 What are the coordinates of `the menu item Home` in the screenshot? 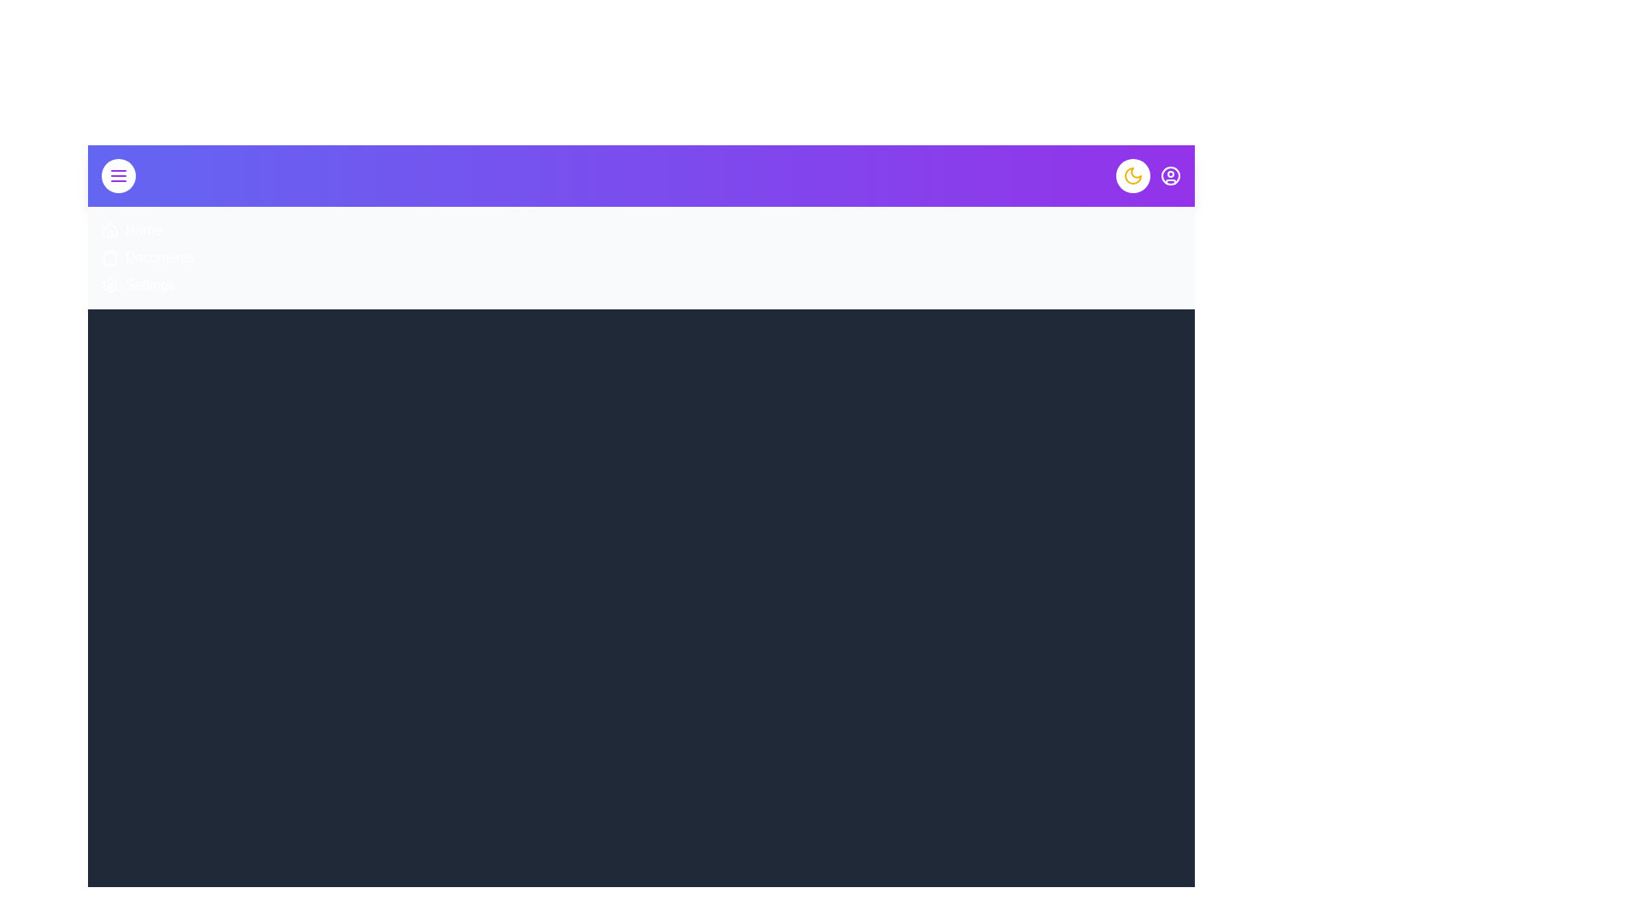 It's located at (144, 231).